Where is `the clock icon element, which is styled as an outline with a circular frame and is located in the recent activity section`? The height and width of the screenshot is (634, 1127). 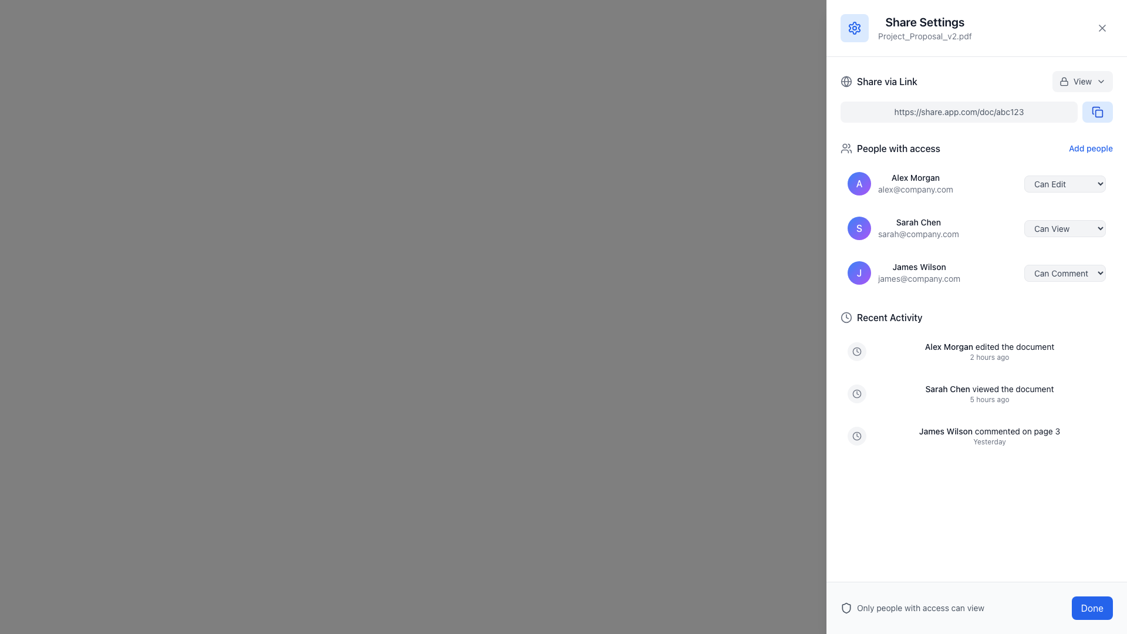
the clock icon element, which is styled as an outline with a circular frame and is located in the recent activity section is located at coordinates (856, 436).